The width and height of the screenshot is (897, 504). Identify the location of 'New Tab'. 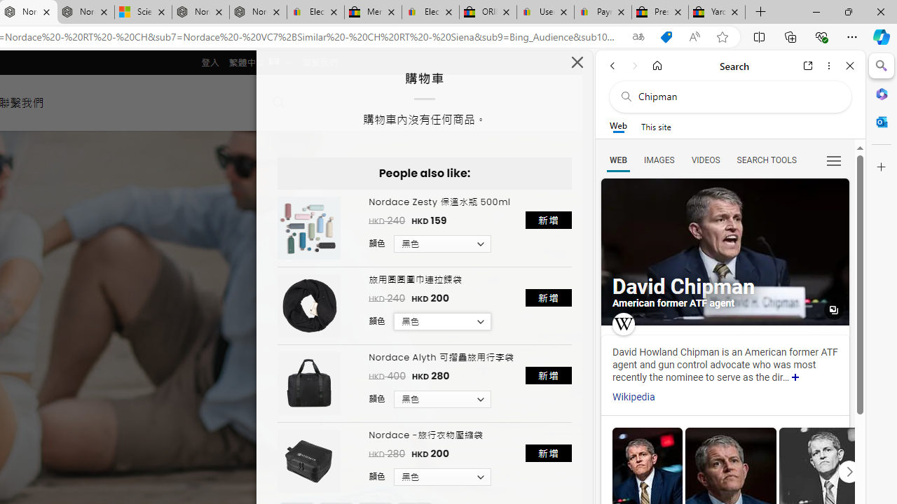
(760, 12).